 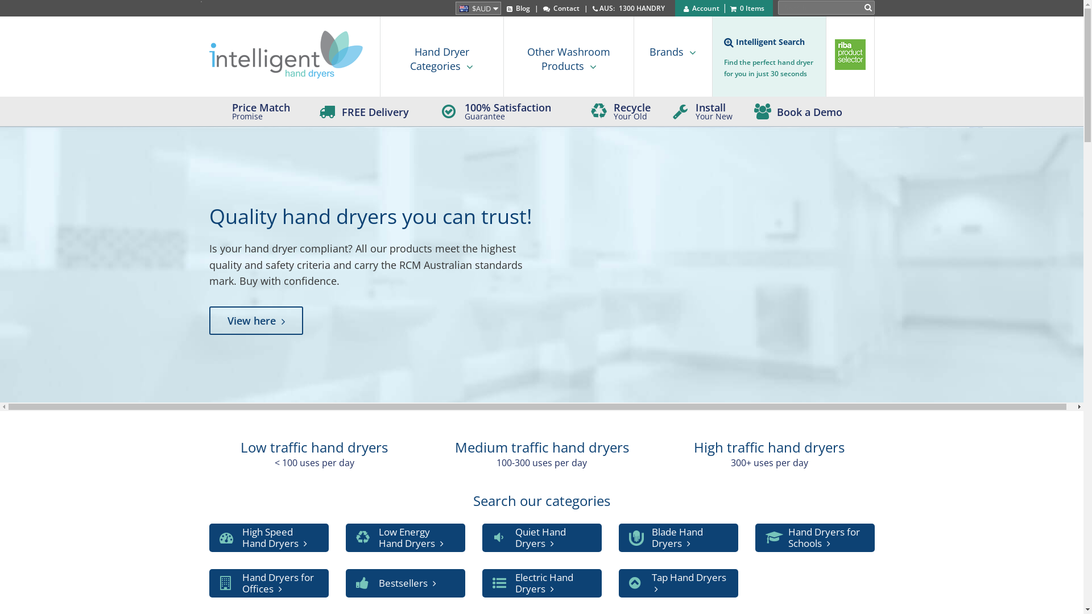 What do you see at coordinates (679, 537) in the screenshot?
I see `'Blade Hand Dryers'` at bounding box center [679, 537].